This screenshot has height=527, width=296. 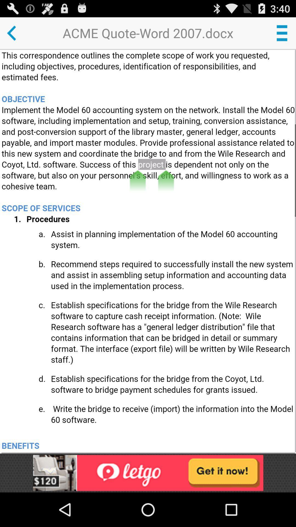 I want to click on document page, so click(x=149, y=251).